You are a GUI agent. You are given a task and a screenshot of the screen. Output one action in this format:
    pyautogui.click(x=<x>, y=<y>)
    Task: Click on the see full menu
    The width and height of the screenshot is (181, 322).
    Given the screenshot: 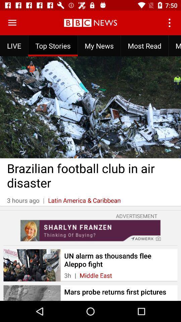 What is the action you would take?
    pyautogui.click(x=12, y=23)
    